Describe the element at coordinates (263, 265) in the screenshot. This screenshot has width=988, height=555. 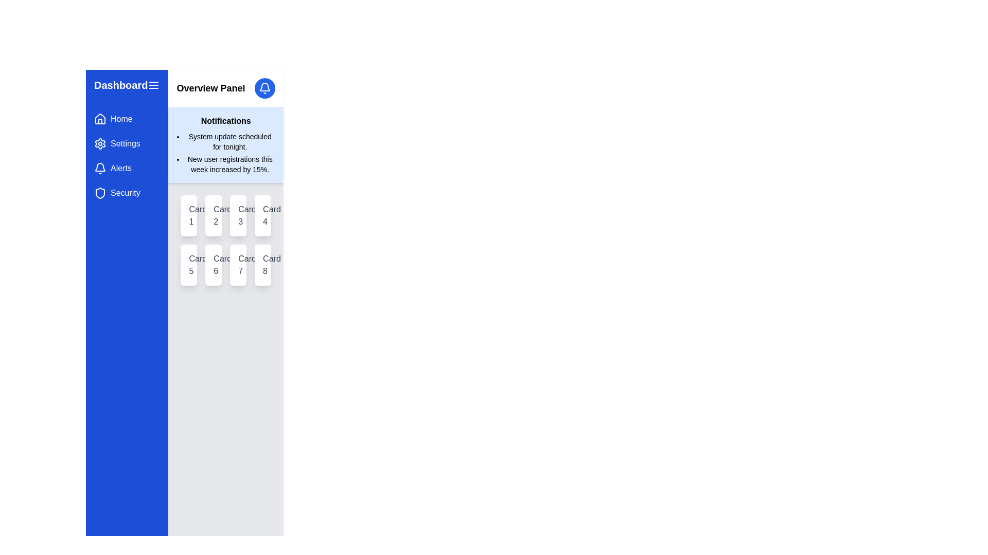
I see `the display component labeled as 'Card 8', which is located in the bottom-right corner of a 4x2 grid of cards` at that location.